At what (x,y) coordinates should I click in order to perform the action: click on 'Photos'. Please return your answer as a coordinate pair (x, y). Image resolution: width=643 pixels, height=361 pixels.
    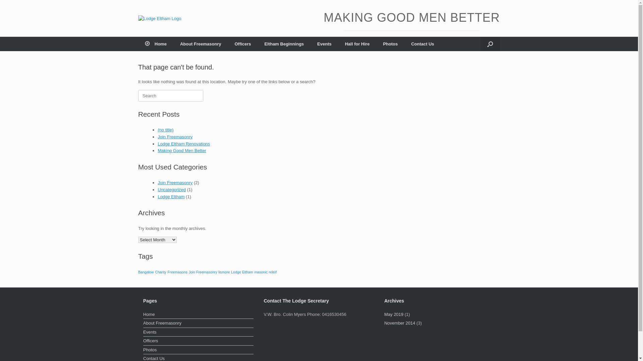
    Looking at the image, I should click on (143, 350).